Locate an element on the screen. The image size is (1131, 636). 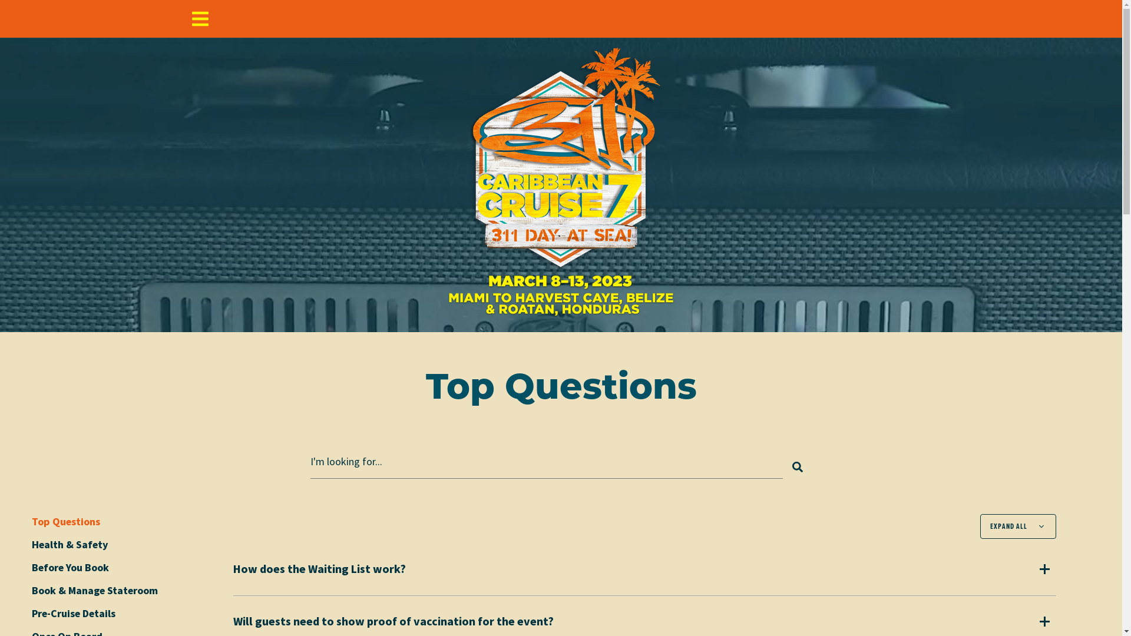
'Pre-Cruise Details' is located at coordinates (72, 612).